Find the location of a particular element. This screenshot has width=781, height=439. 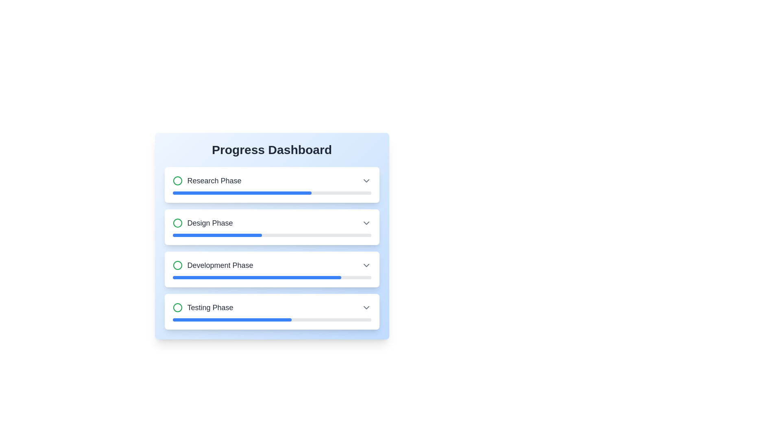

text of the Header or Title located at the top of the section that indicates the purpose of the content below it, which is related to tracking progress is located at coordinates (272, 150).